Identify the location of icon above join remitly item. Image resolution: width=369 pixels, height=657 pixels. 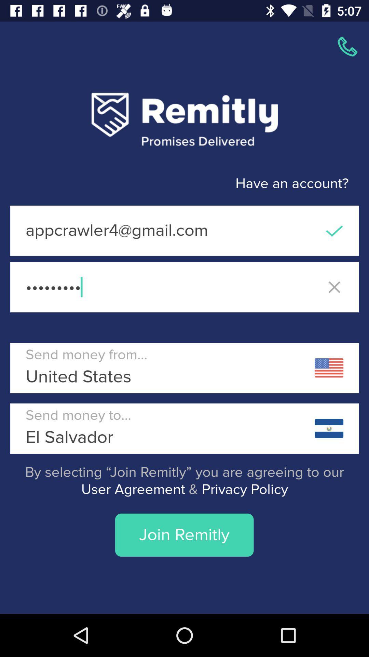
(184, 480).